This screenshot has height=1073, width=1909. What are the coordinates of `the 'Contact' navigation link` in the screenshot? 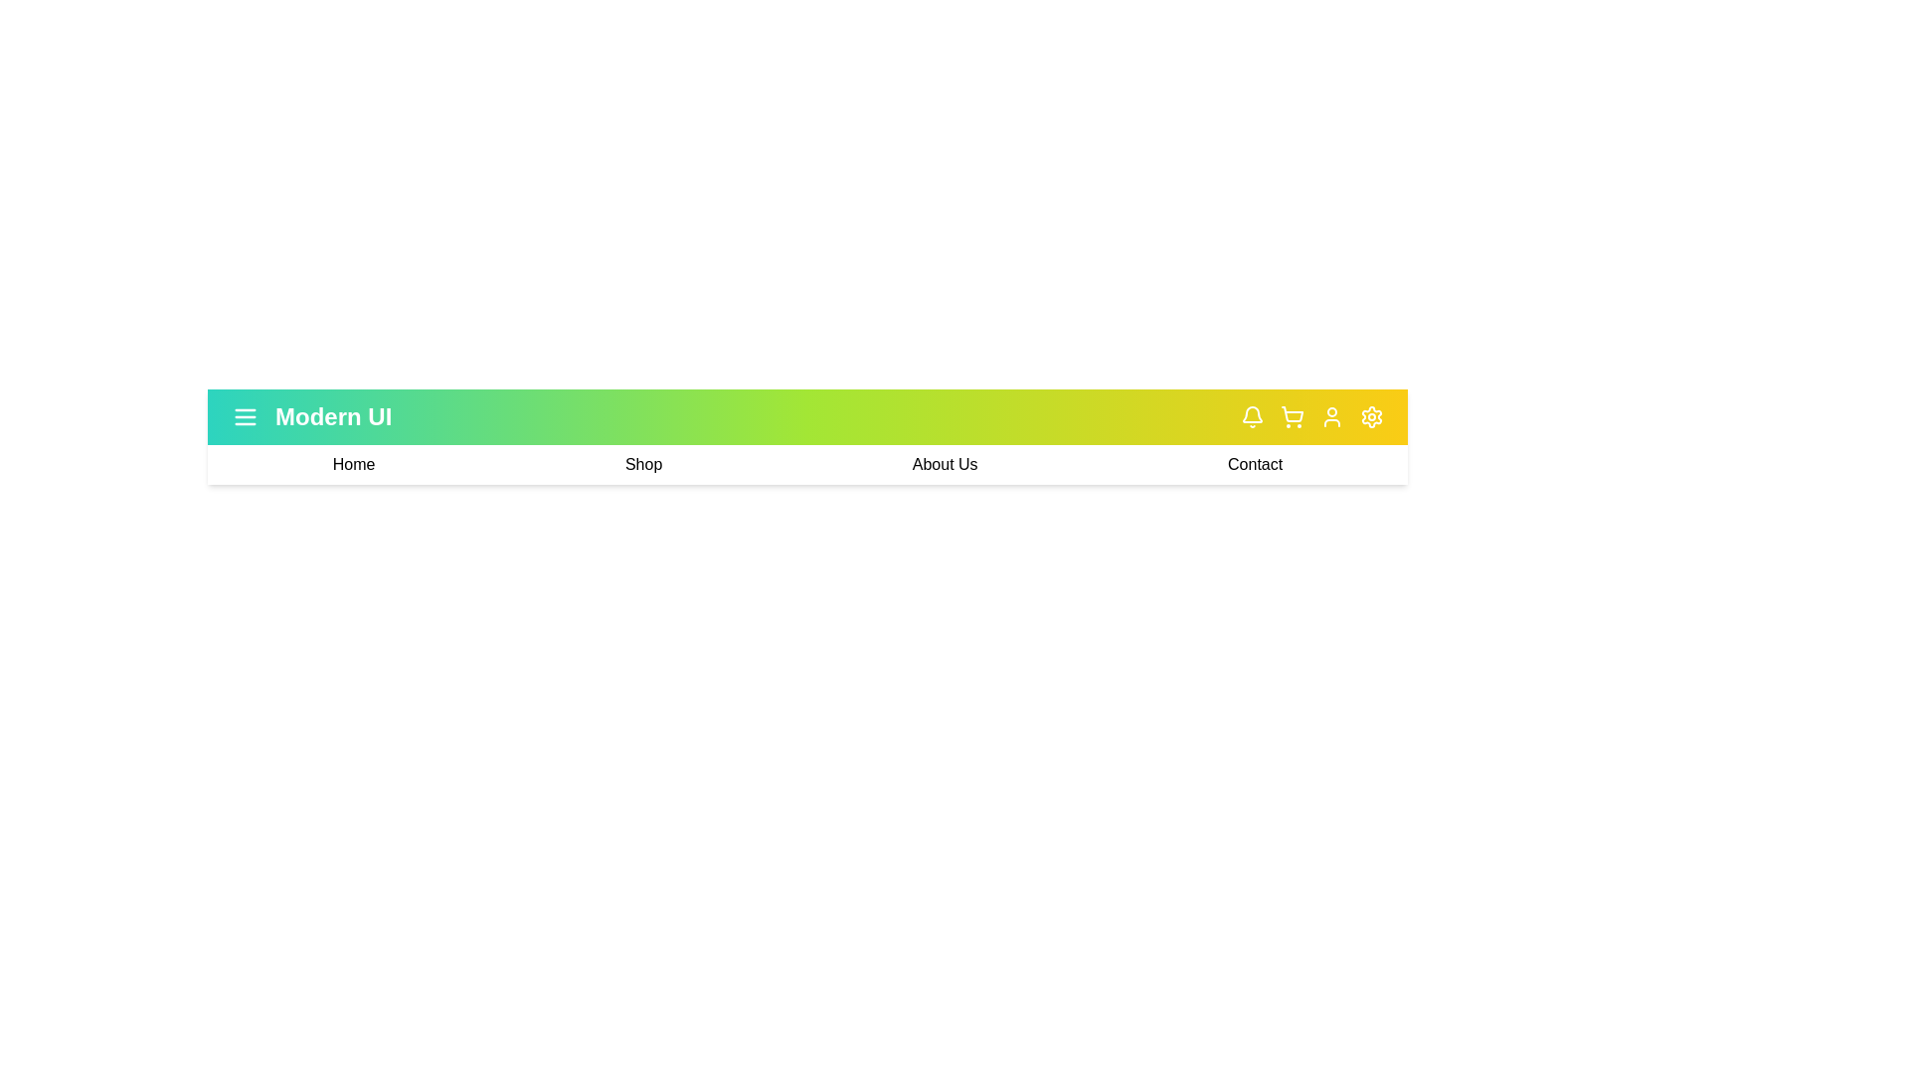 It's located at (1254, 464).